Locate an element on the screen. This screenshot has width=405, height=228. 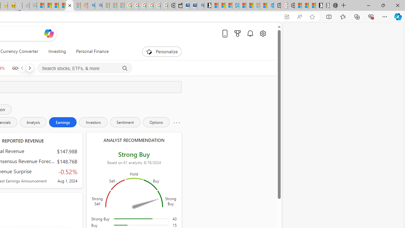
'Navy Quest' is located at coordinates (25, 5).